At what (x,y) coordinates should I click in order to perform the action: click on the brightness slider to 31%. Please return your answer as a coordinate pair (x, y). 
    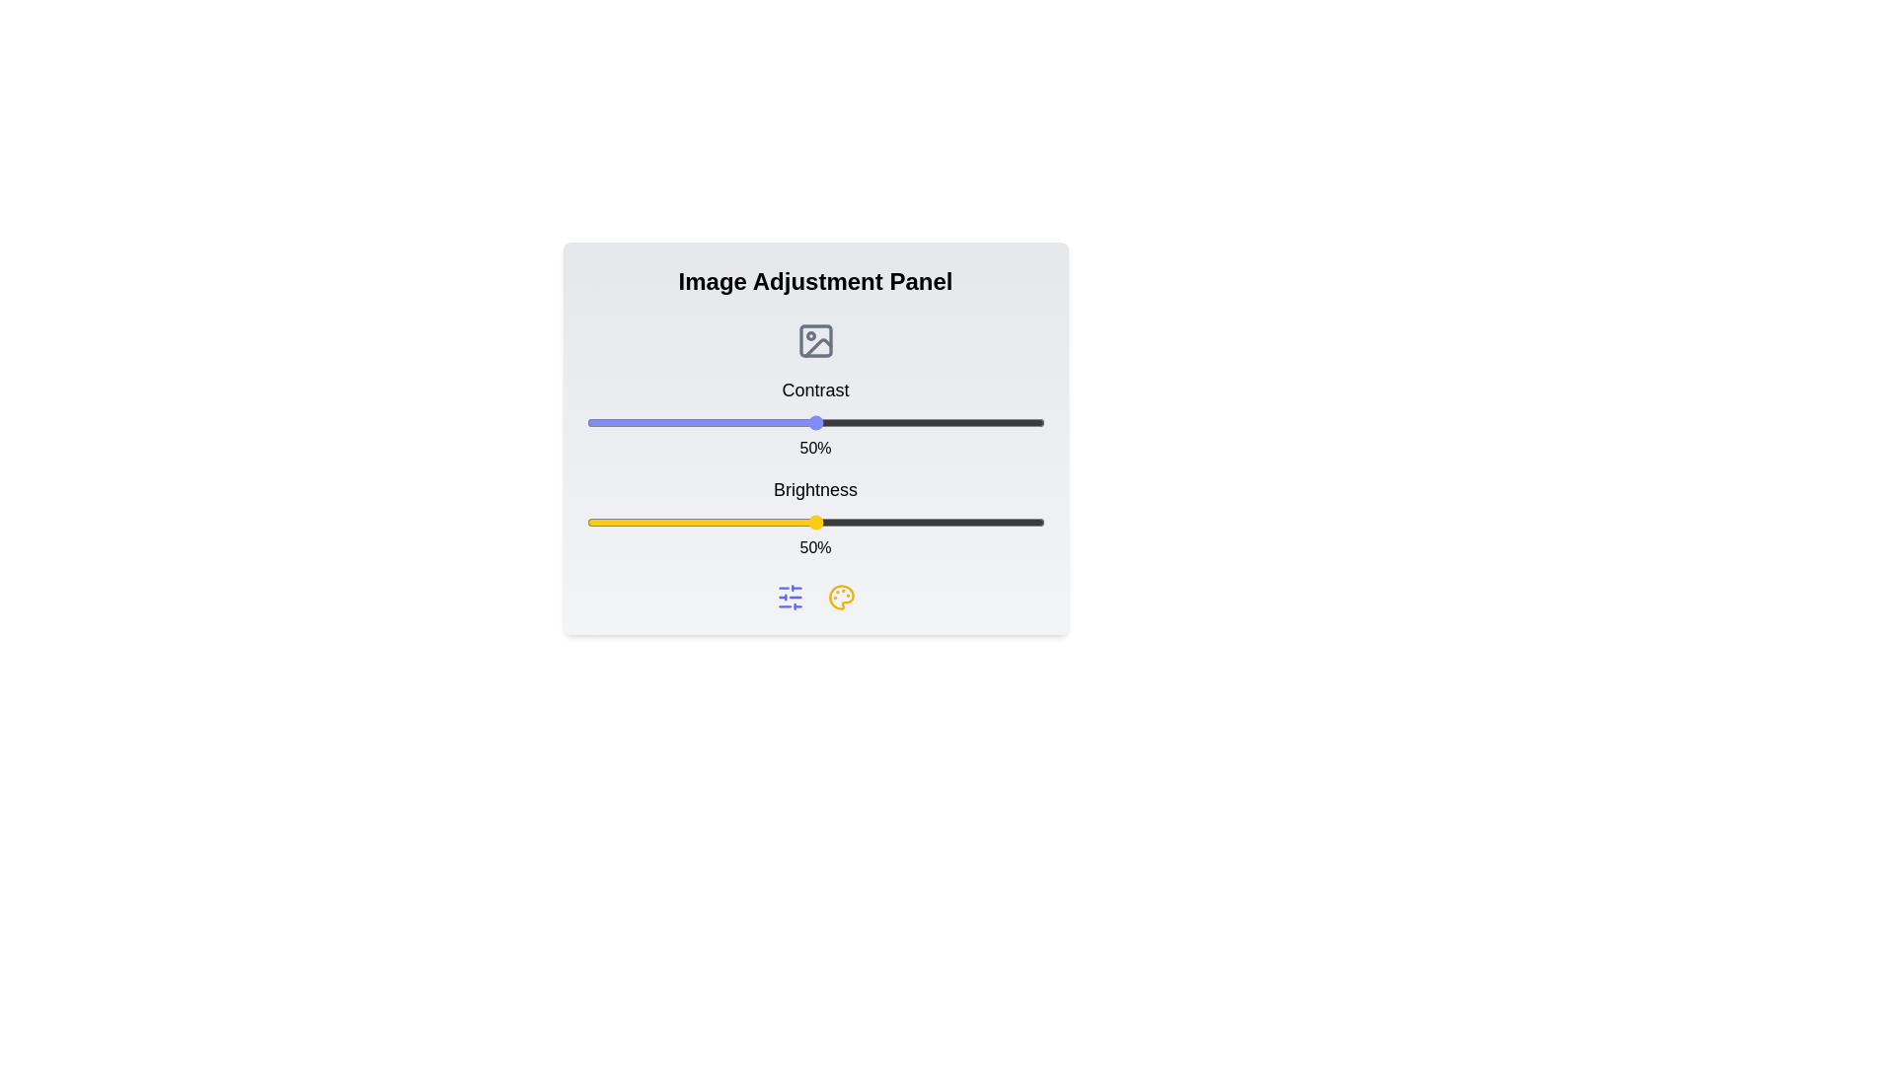
    Looking at the image, I should click on (727, 521).